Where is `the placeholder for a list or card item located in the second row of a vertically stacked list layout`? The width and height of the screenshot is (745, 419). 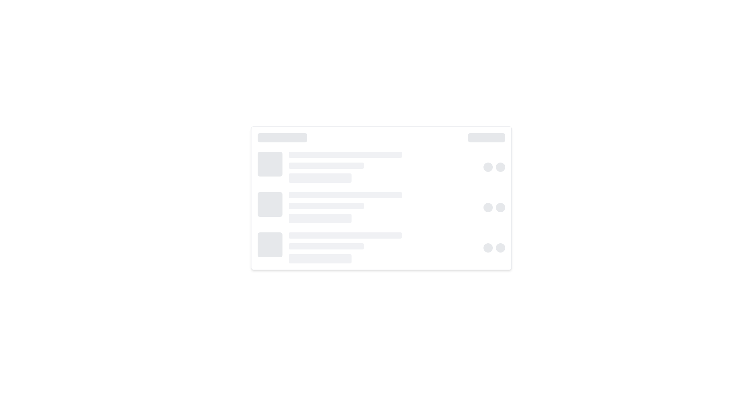
the placeholder for a list or card item located in the second row of a vertically stacked list layout is located at coordinates (381, 167).